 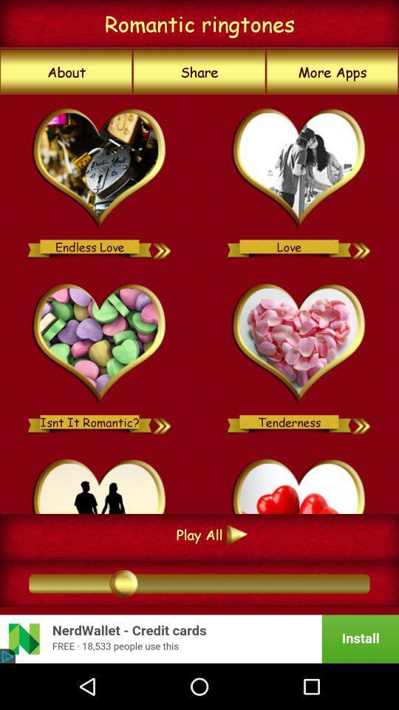 I want to click on is n't it romantic, so click(x=100, y=344).